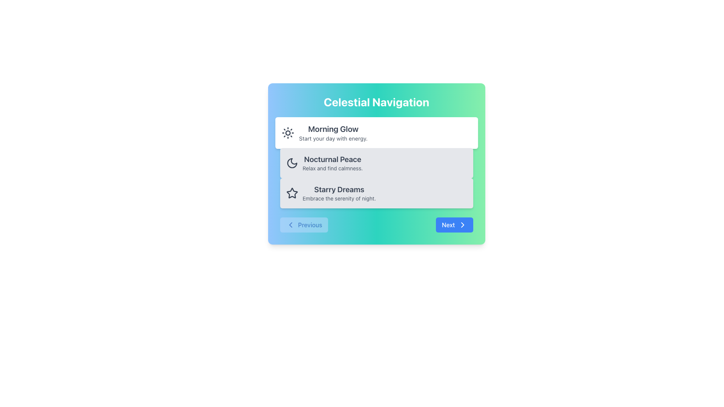 This screenshot has width=724, height=407. I want to click on the graphical icon associated with the 'Starry Dreams' option, which is positioned to the left of the text in the list option group, so click(291, 193).